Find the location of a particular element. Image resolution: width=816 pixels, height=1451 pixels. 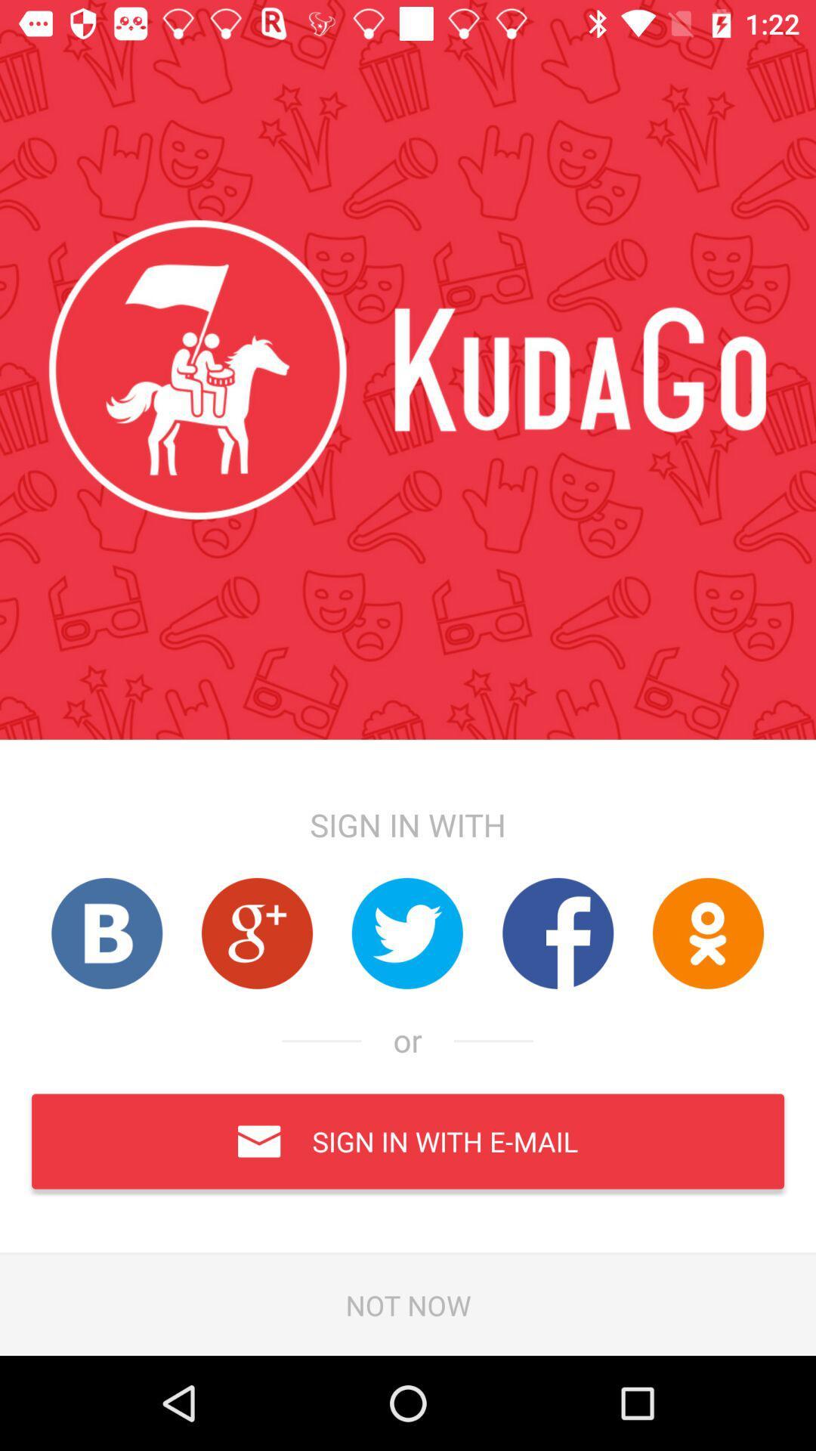

sign in with google+ is located at coordinates (256, 933).